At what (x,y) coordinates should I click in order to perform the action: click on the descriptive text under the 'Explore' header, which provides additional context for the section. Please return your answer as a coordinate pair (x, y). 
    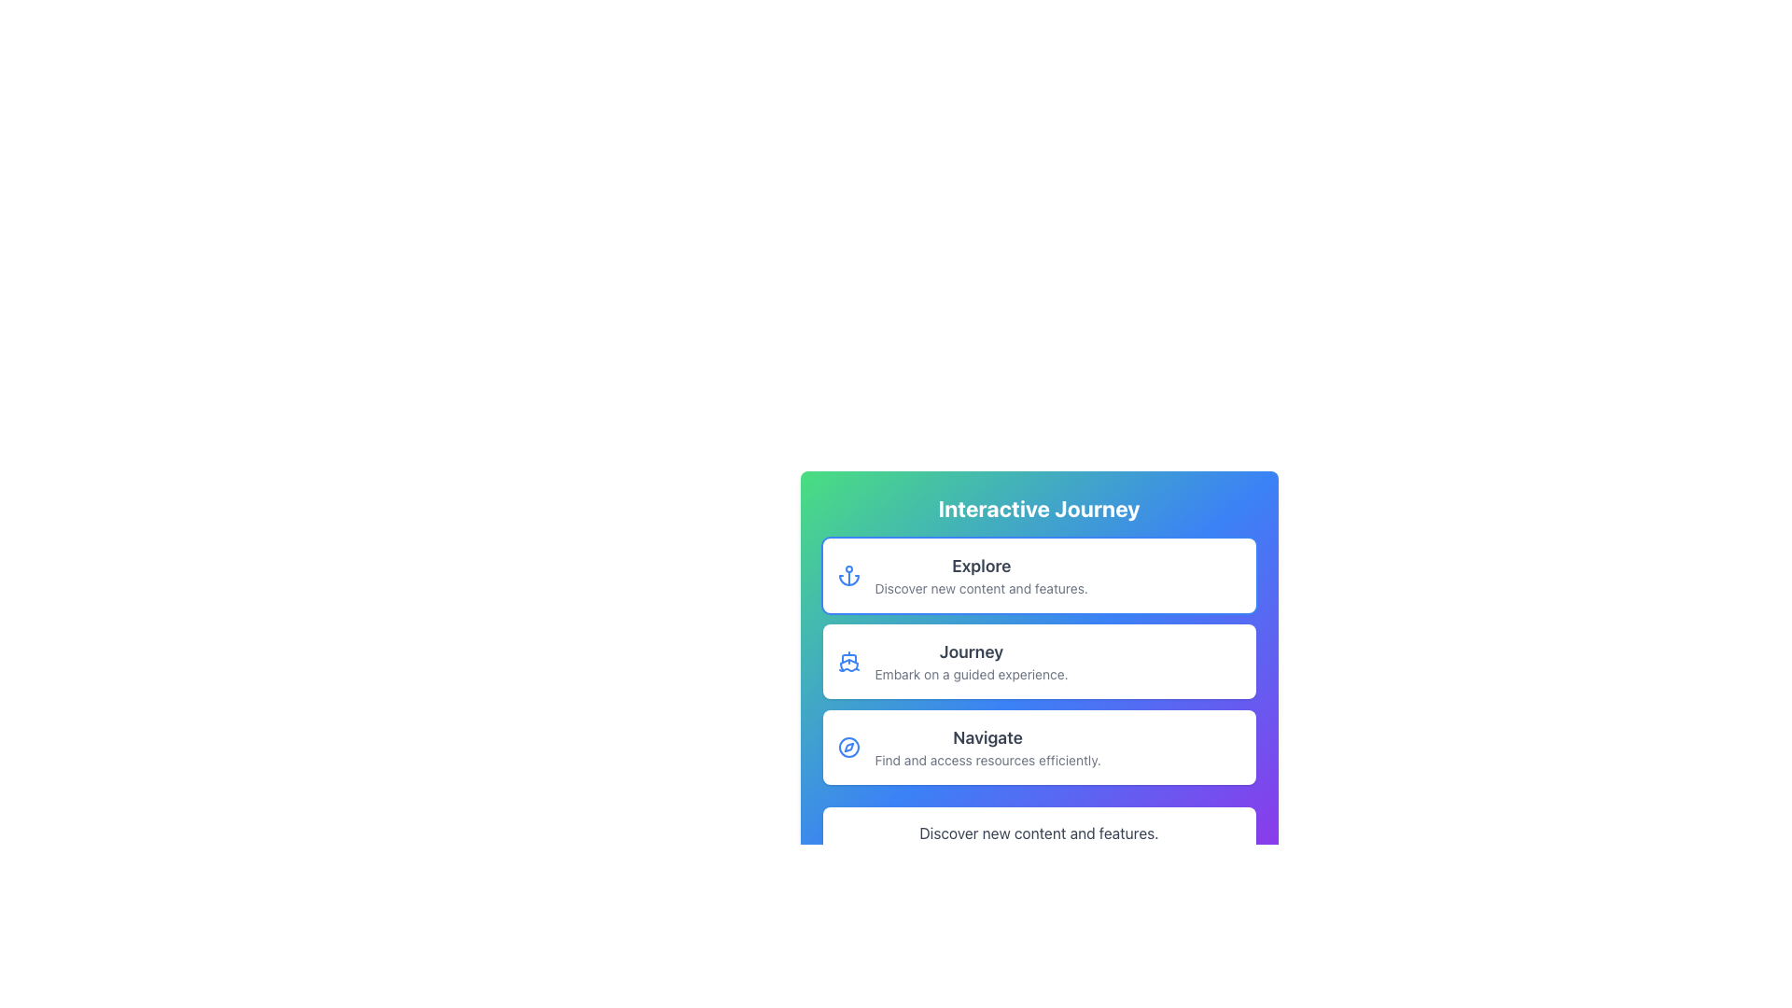
    Looking at the image, I should click on (980, 589).